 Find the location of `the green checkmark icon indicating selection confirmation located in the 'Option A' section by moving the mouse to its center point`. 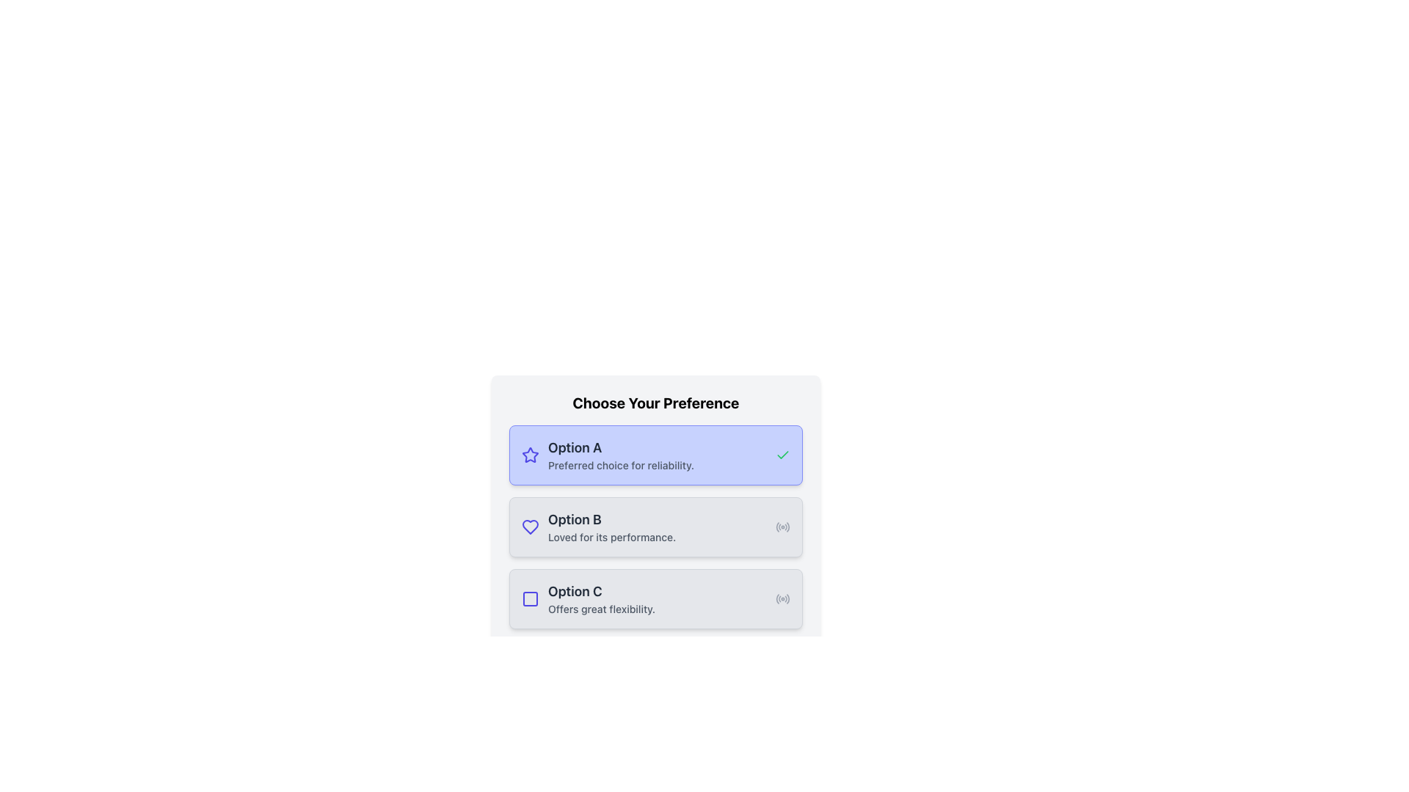

the green checkmark icon indicating selection confirmation located in the 'Option A' section by moving the mouse to its center point is located at coordinates (782, 455).